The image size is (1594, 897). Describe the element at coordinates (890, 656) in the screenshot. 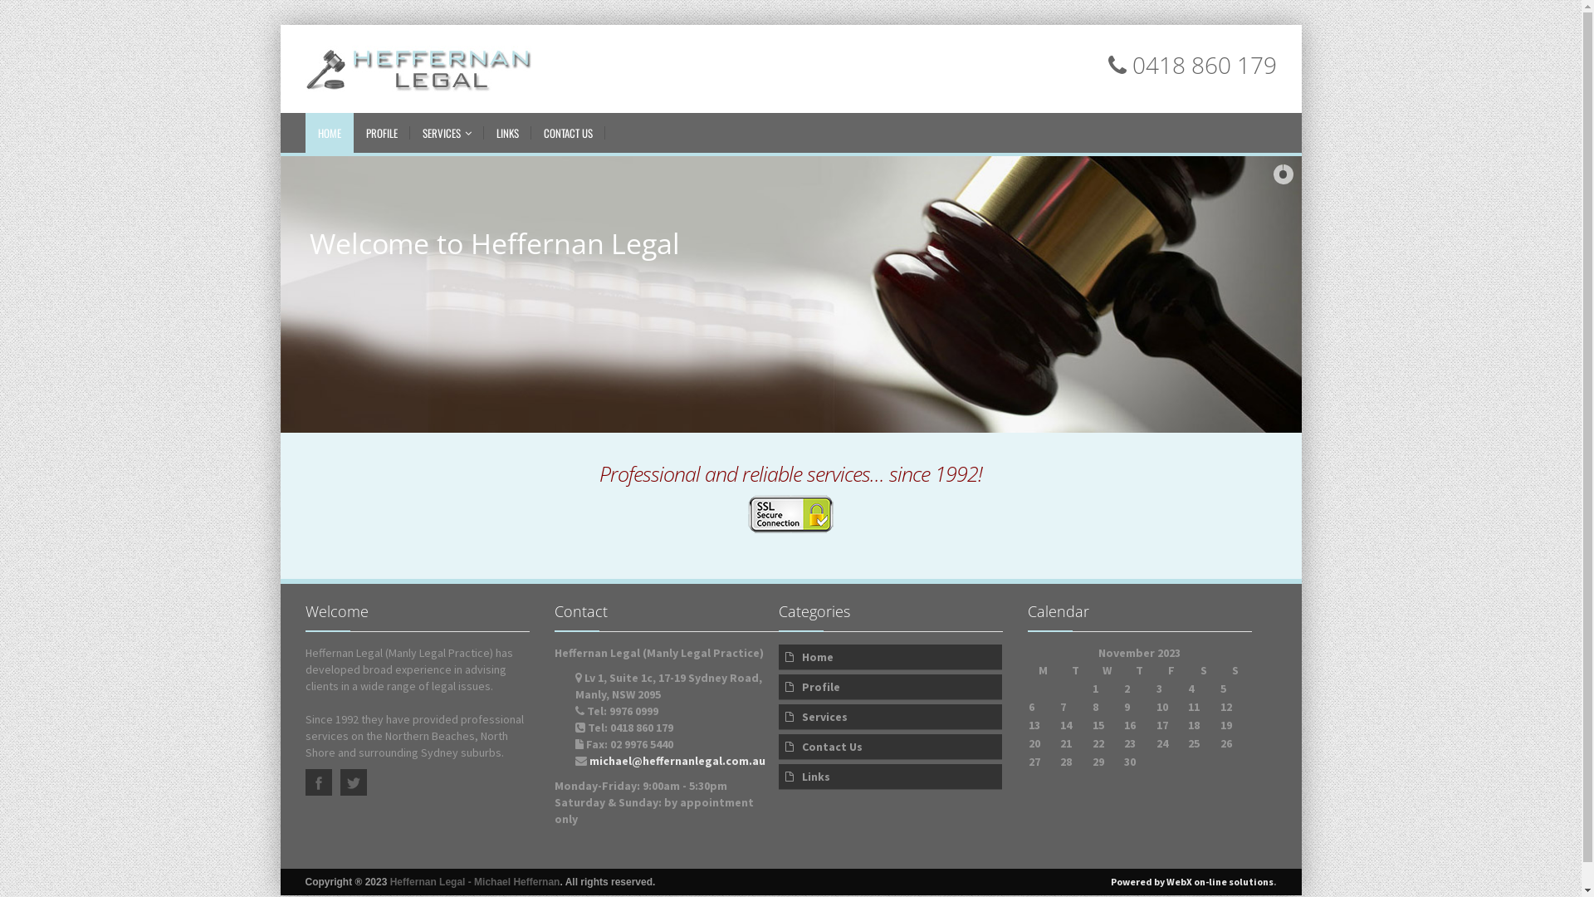

I see `'Home'` at that location.